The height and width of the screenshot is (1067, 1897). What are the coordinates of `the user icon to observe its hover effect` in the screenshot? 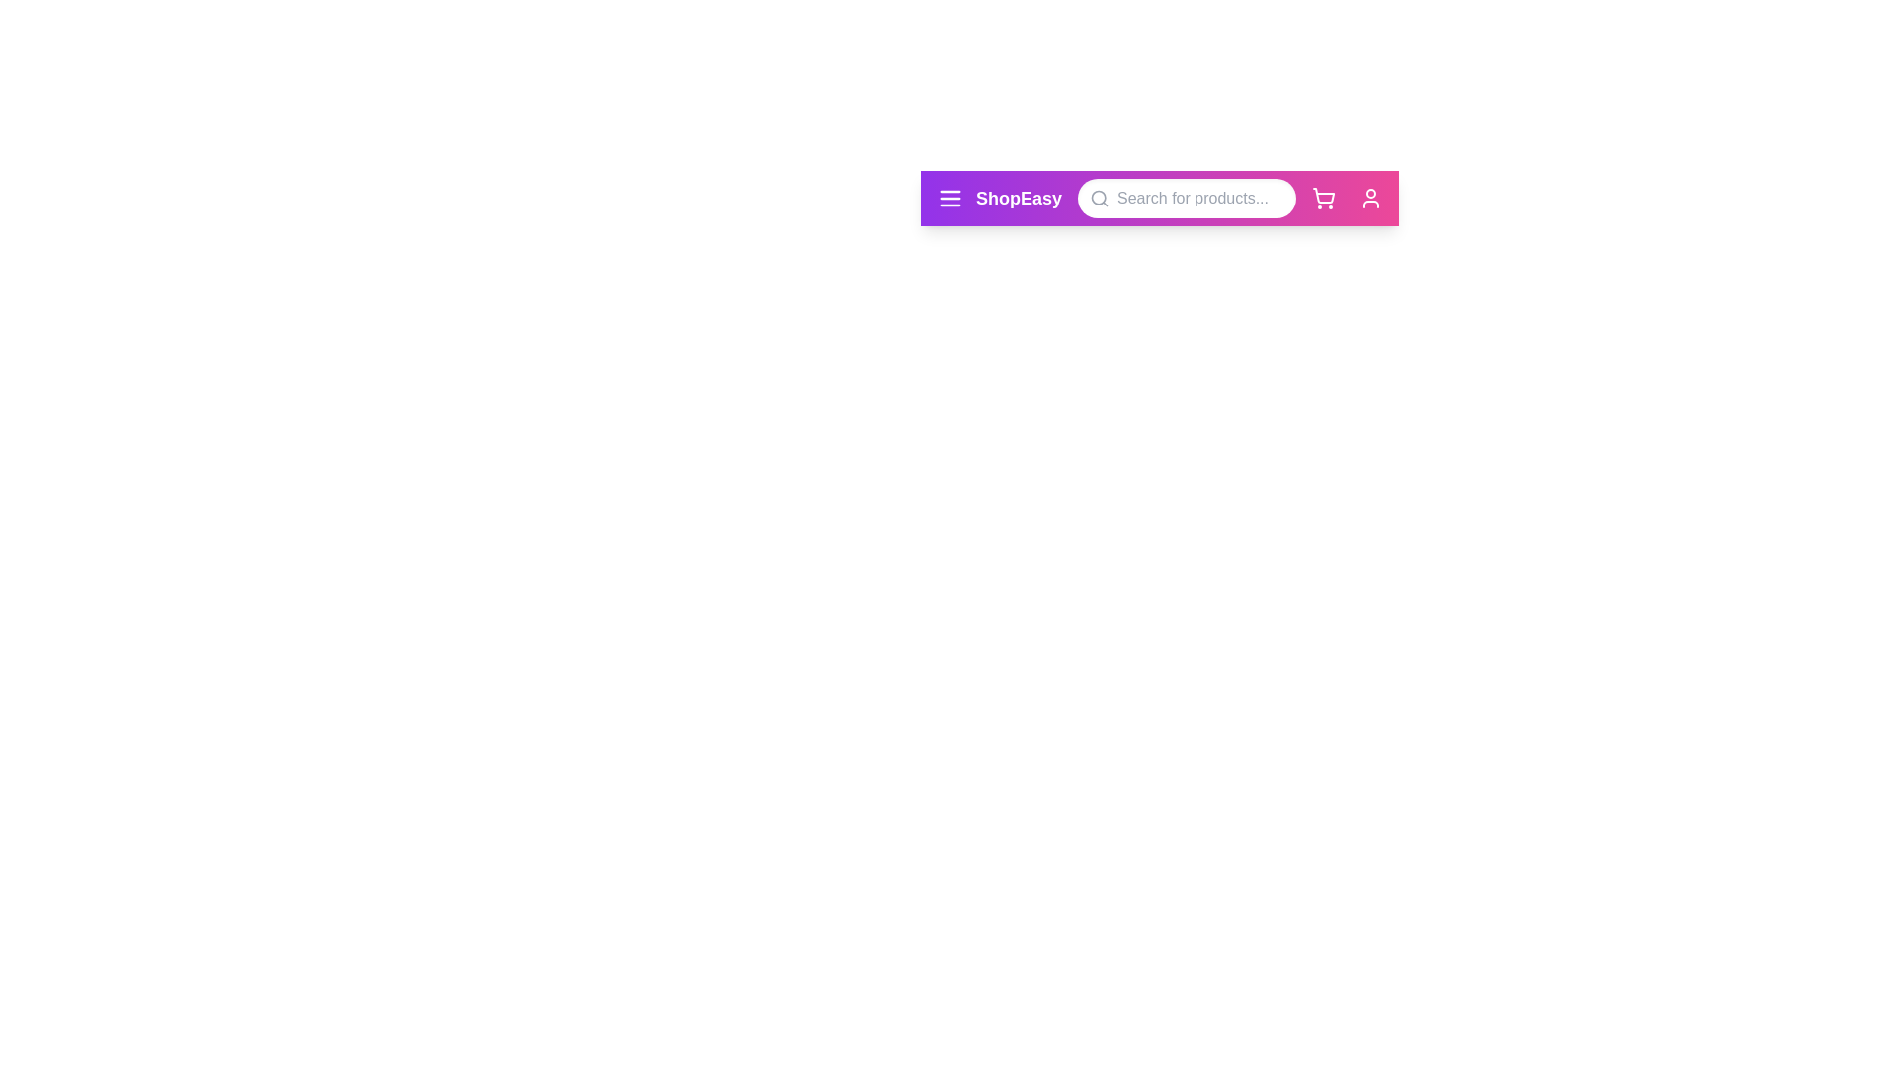 It's located at (1369, 198).